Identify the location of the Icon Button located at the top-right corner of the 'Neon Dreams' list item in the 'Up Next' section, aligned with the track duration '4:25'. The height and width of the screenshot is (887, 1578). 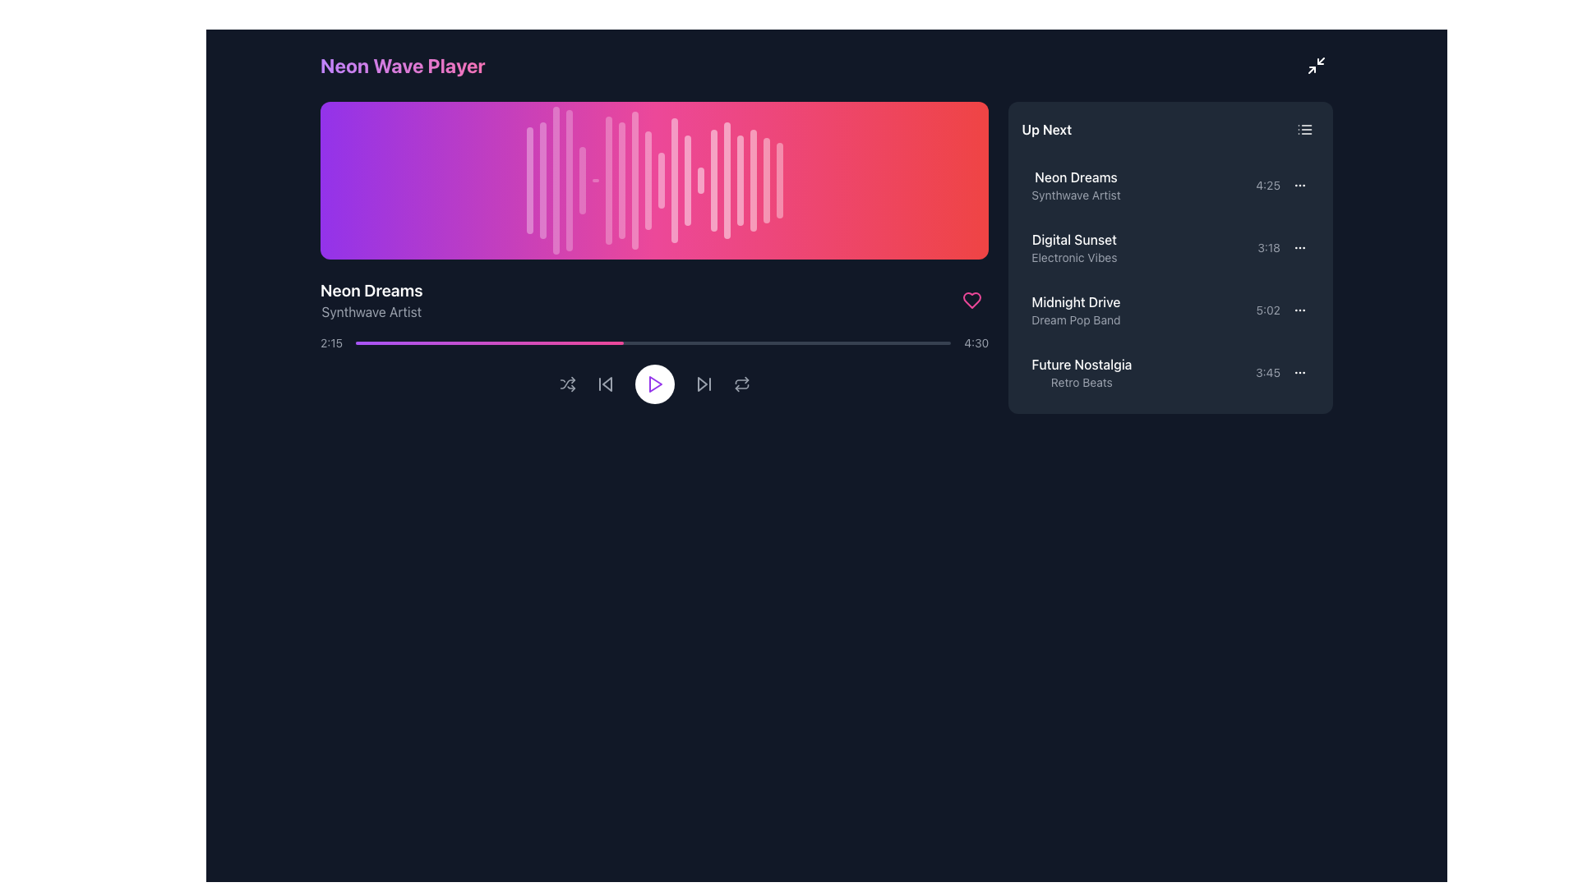
(1299, 185).